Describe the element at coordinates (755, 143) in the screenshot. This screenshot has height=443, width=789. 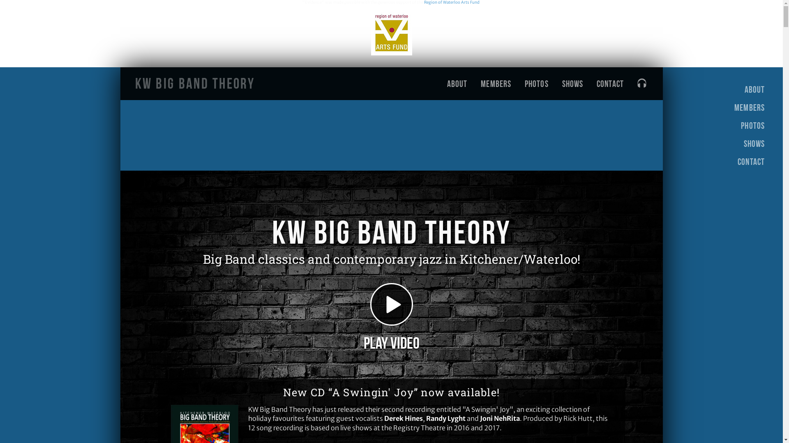
I see `'SHOWS'` at that location.